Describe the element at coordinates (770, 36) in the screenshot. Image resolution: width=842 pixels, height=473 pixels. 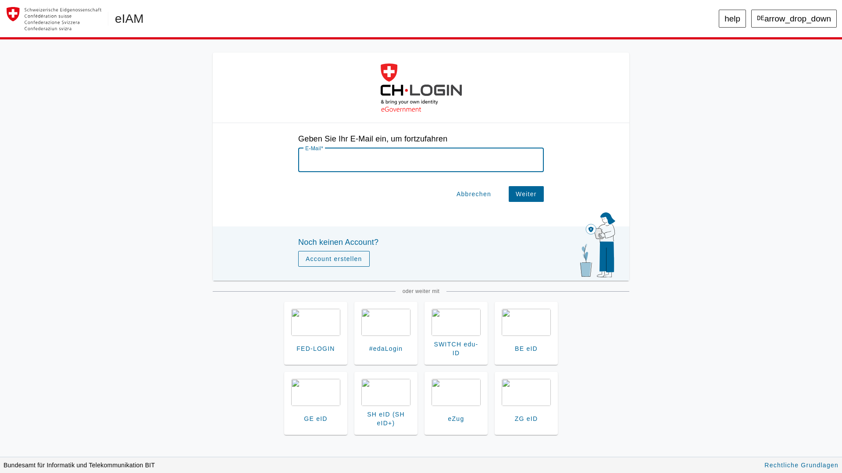
I see `'DE'` at that location.